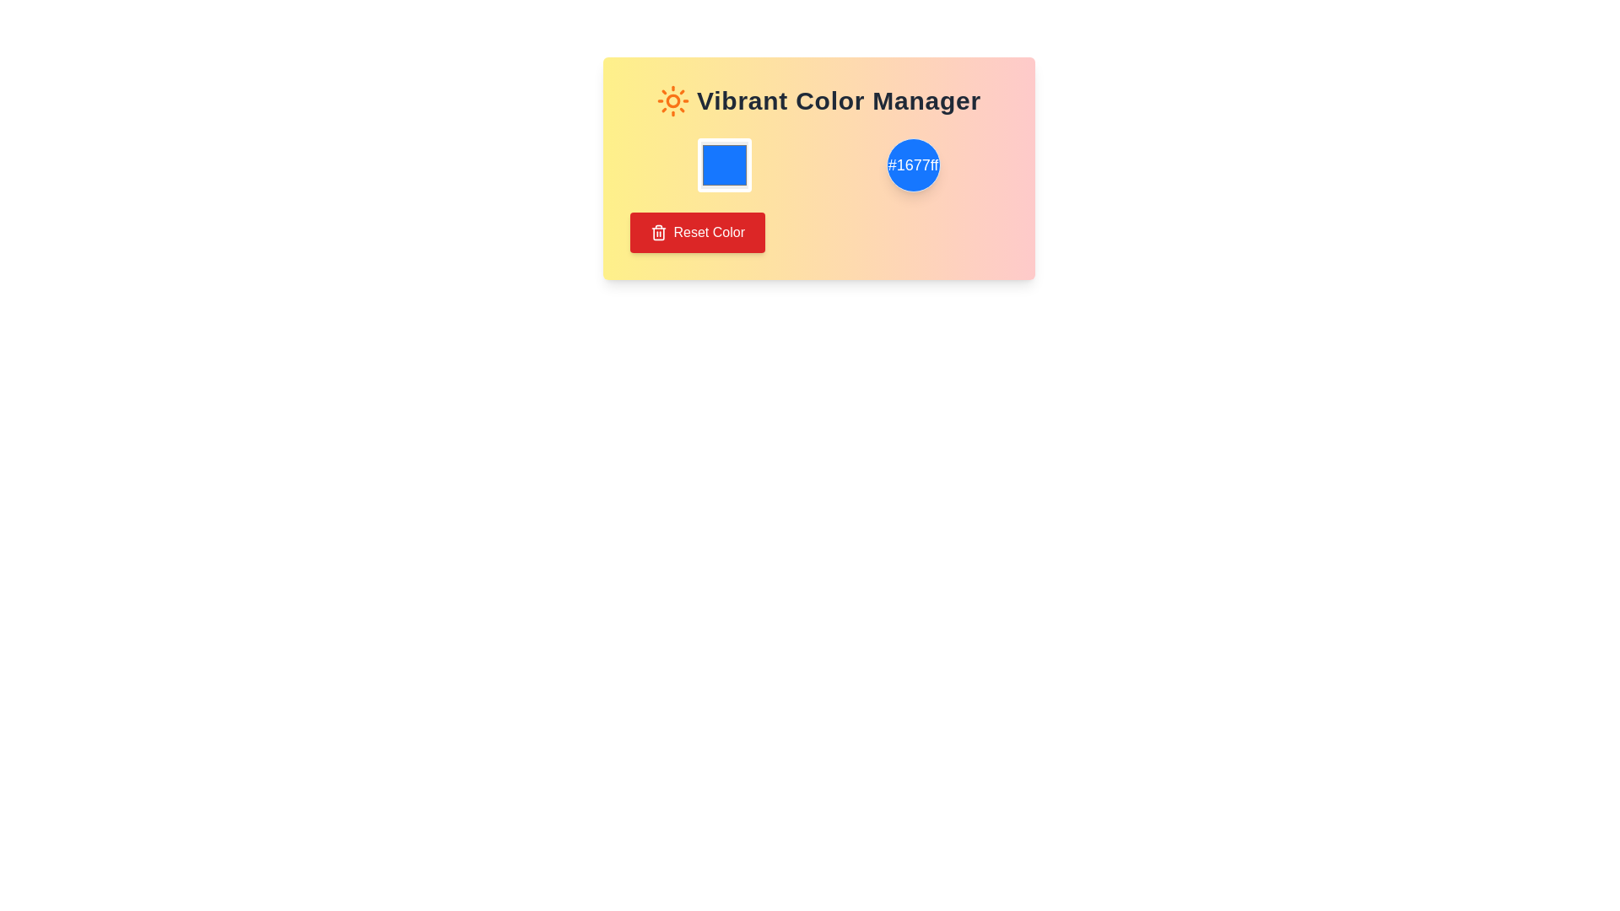 The height and width of the screenshot is (911, 1620). What do you see at coordinates (672, 100) in the screenshot?
I see `the small orange circular graphic, which is centrally located within the sun-like icon in the 'Vibrant Color Manager' card` at bounding box center [672, 100].